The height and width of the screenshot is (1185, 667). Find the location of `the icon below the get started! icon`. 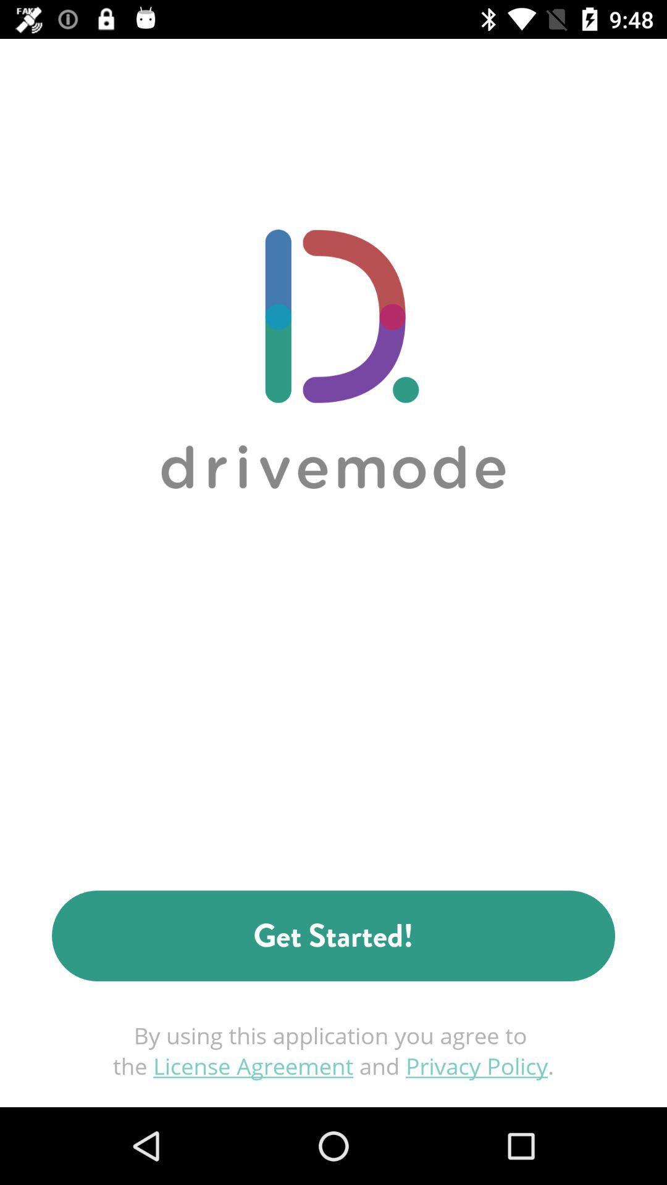

the icon below the get started! icon is located at coordinates (333, 1050).